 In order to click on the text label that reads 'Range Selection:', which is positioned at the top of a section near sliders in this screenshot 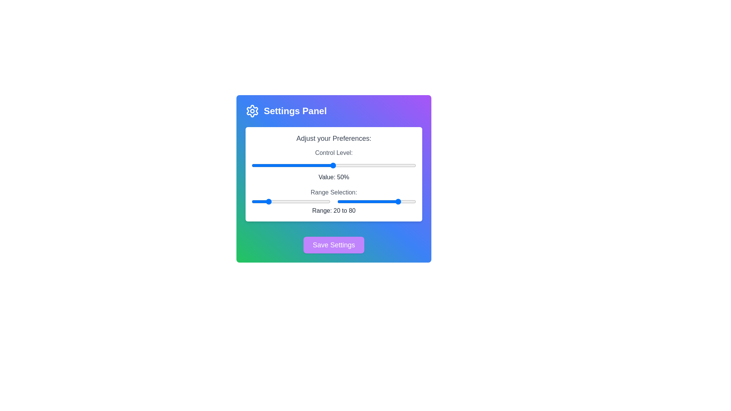, I will do `click(334, 192)`.